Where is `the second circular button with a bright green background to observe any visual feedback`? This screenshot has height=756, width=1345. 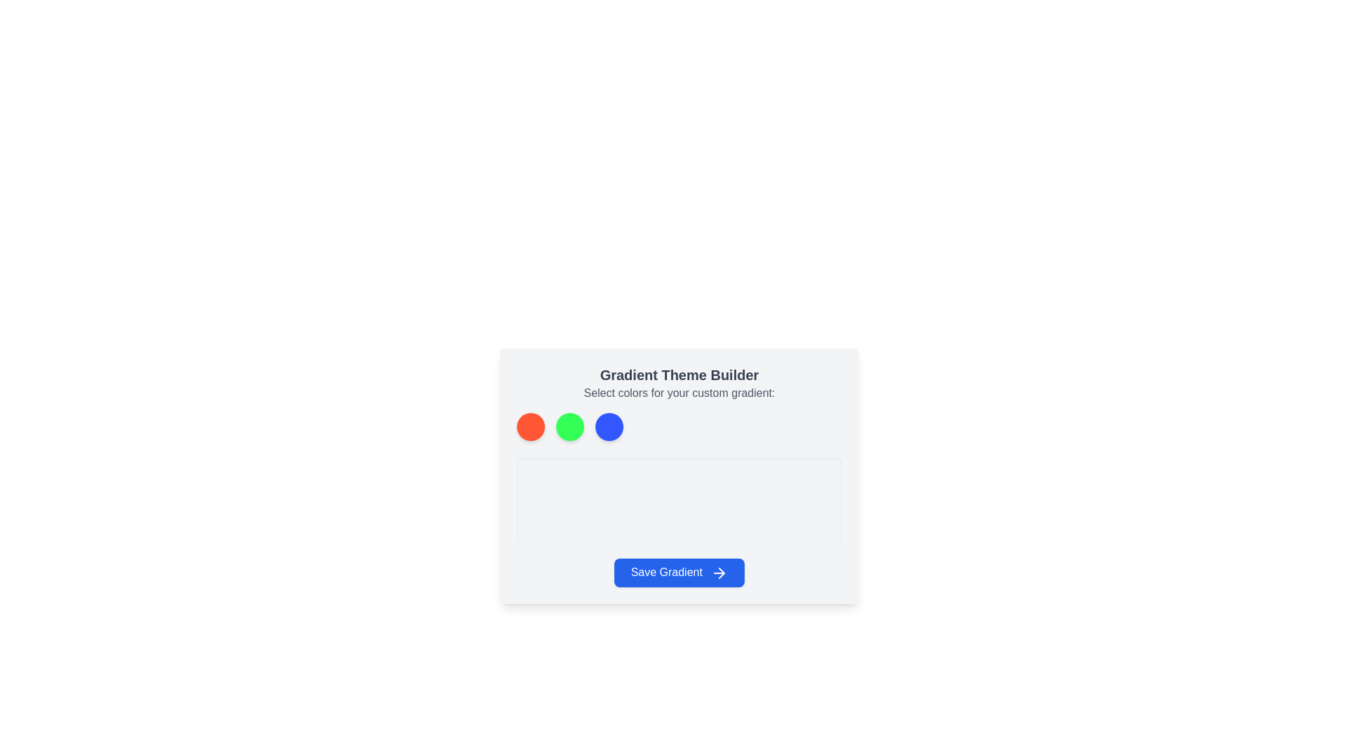 the second circular button with a bright green background to observe any visual feedback is located at coordinates (570, 426).